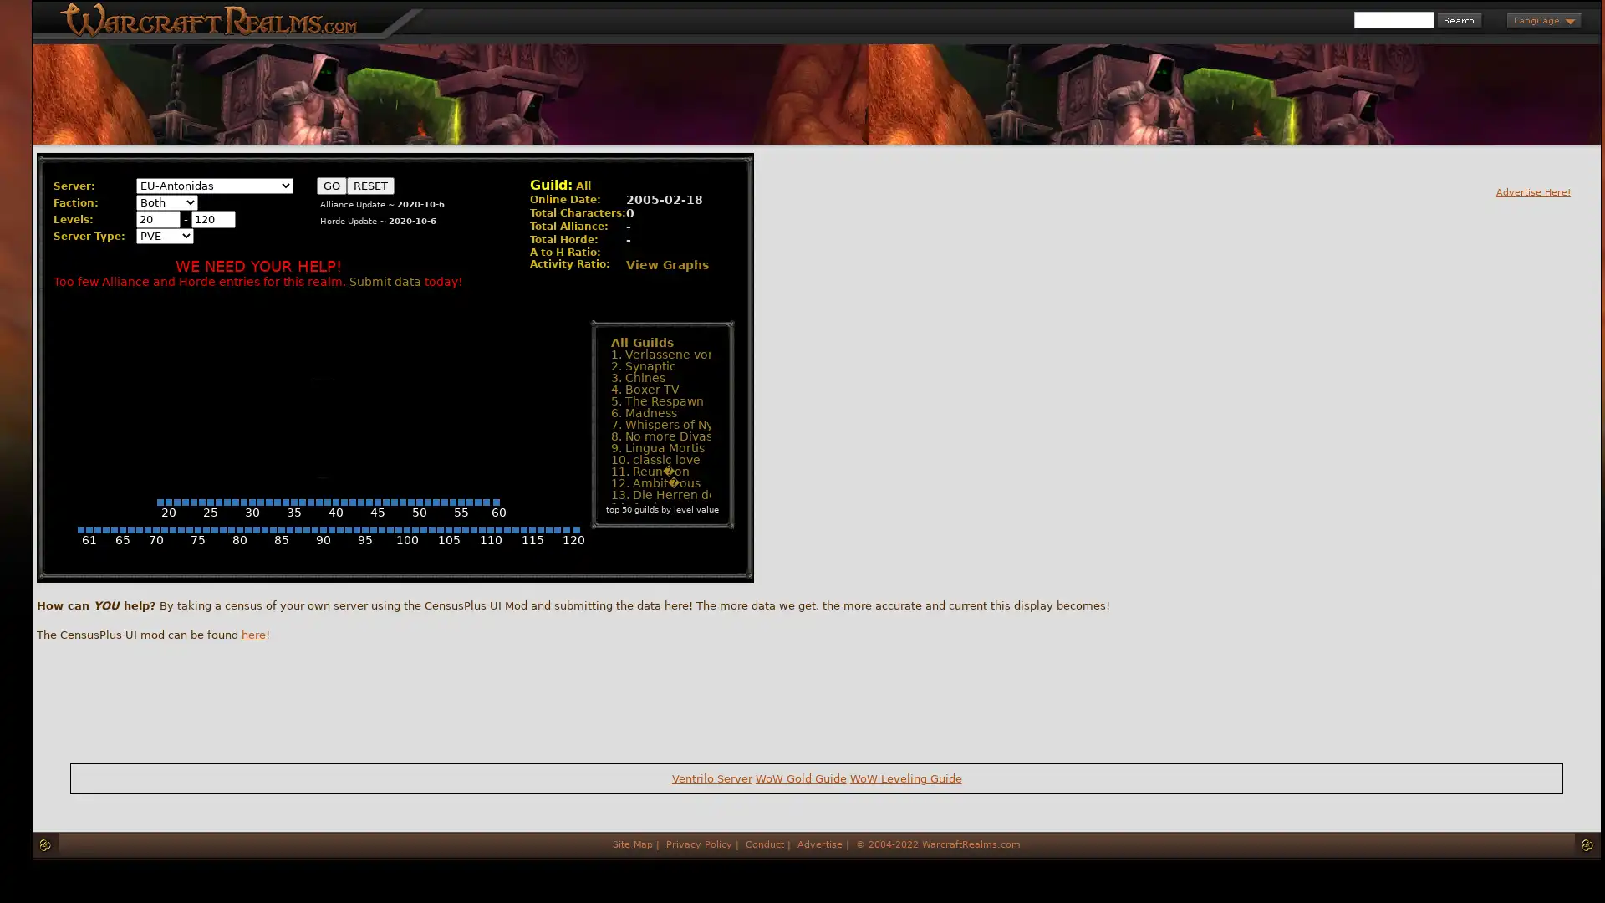 The height and width of the screenshot is (903, 1605). Describe the element at coordinates (1459, 20) in the screenshot. I see `Search` at that location.